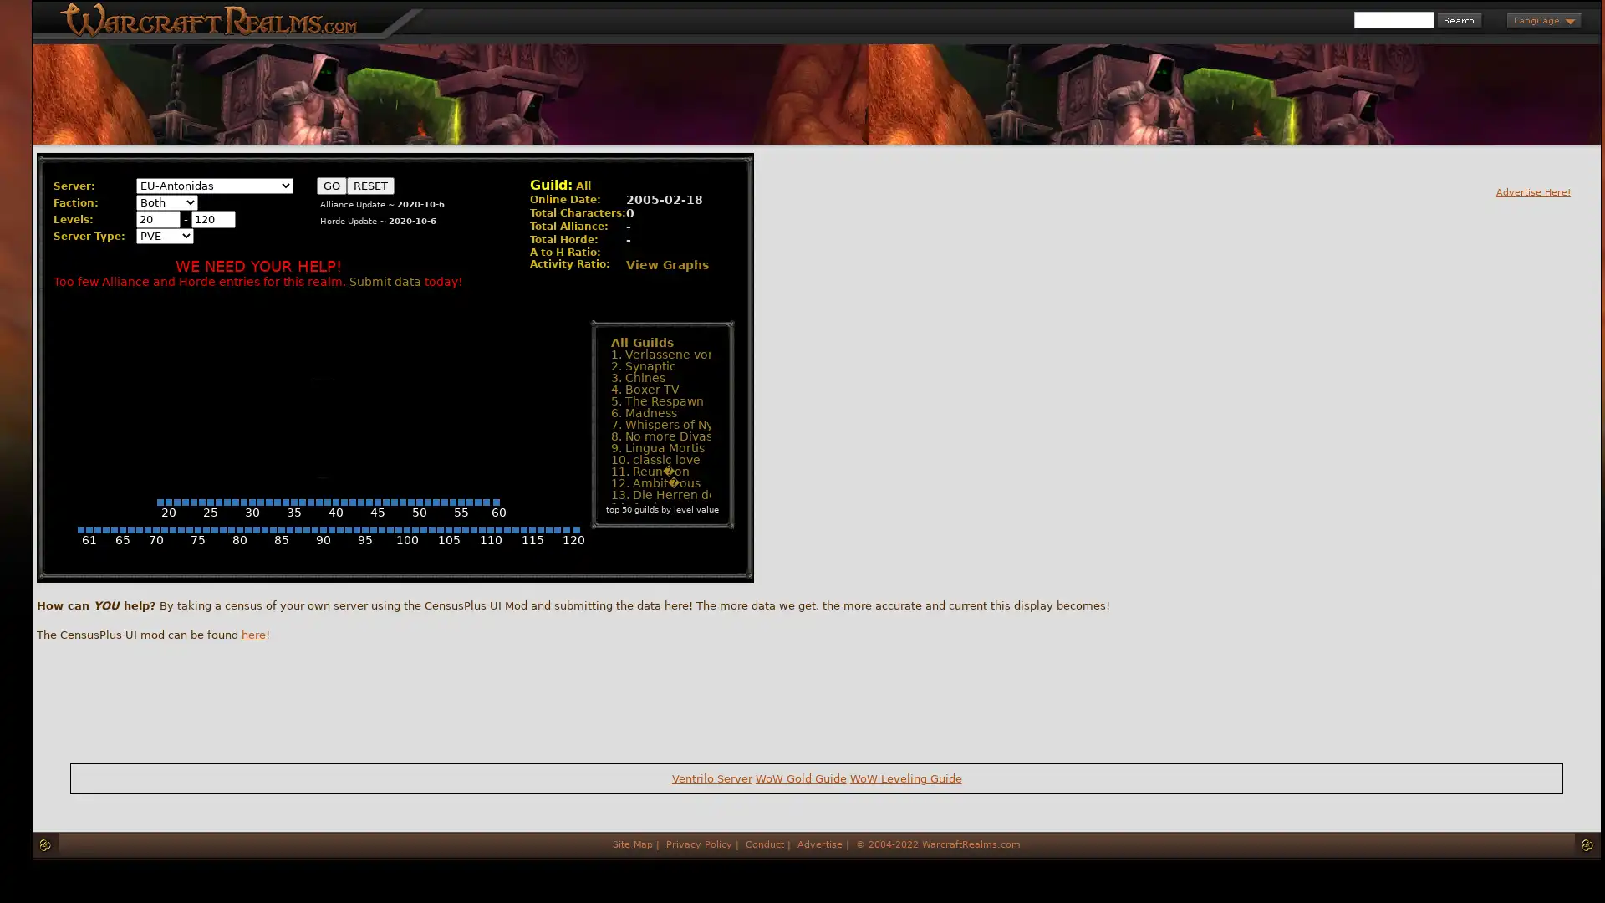 The height and width of the screenshot is (903, 1605). Describe the element at coordinates (1459, 20) in the screenshot. I see `Search` at that location.